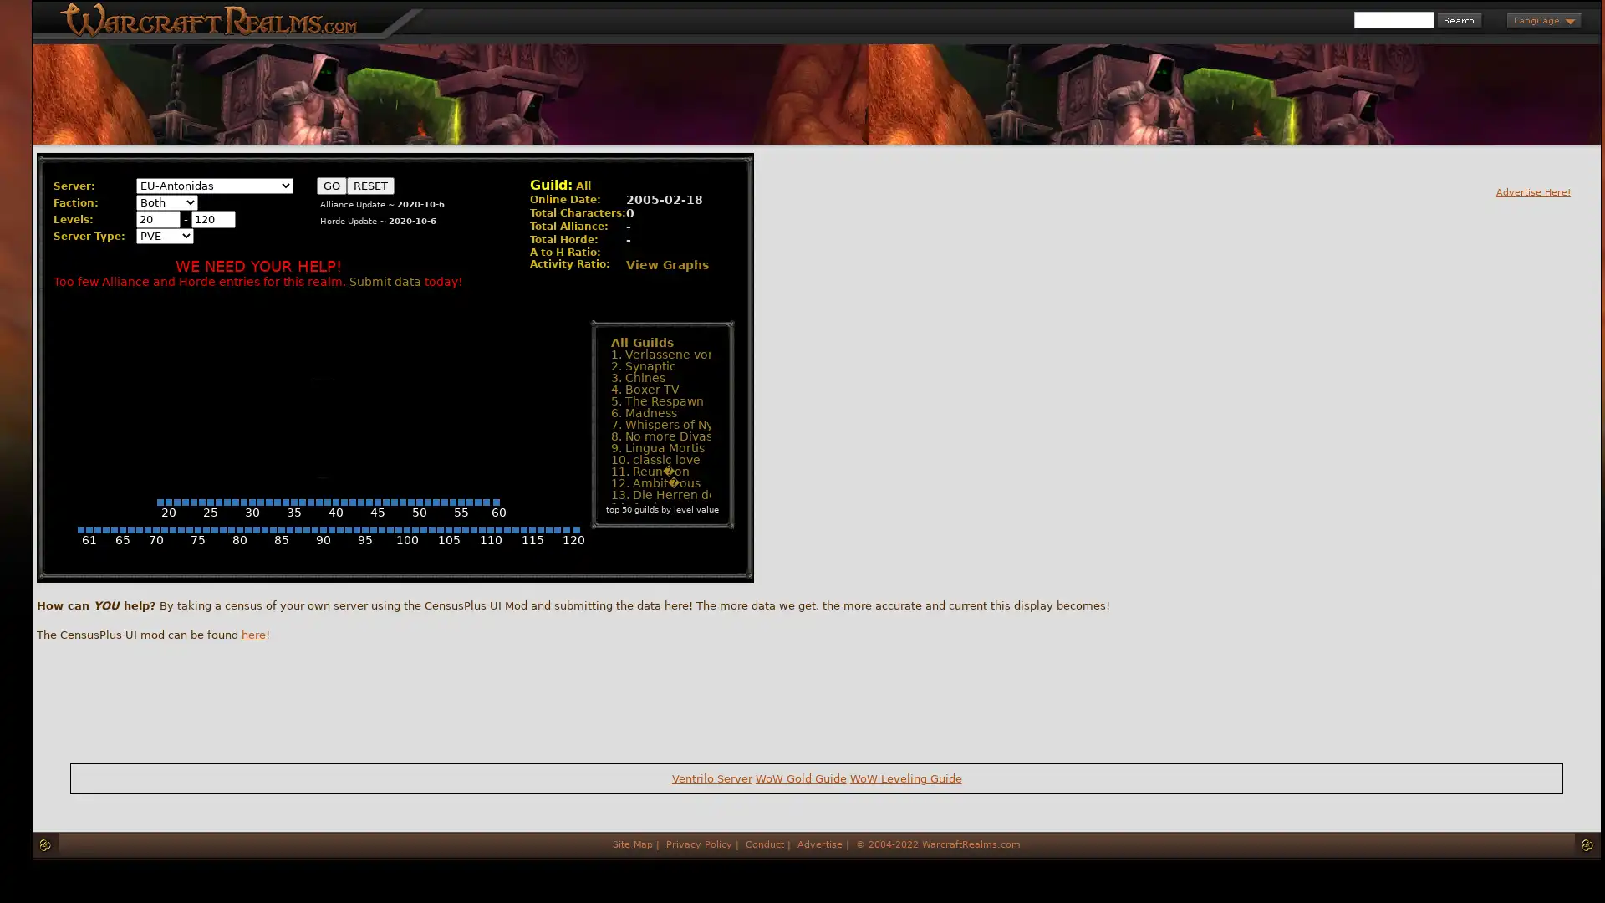 The height and width of the screenshot is (903, 1605). Describe the element at coordinates (1459, 20) in the screenshot. I see `Search` at that location.